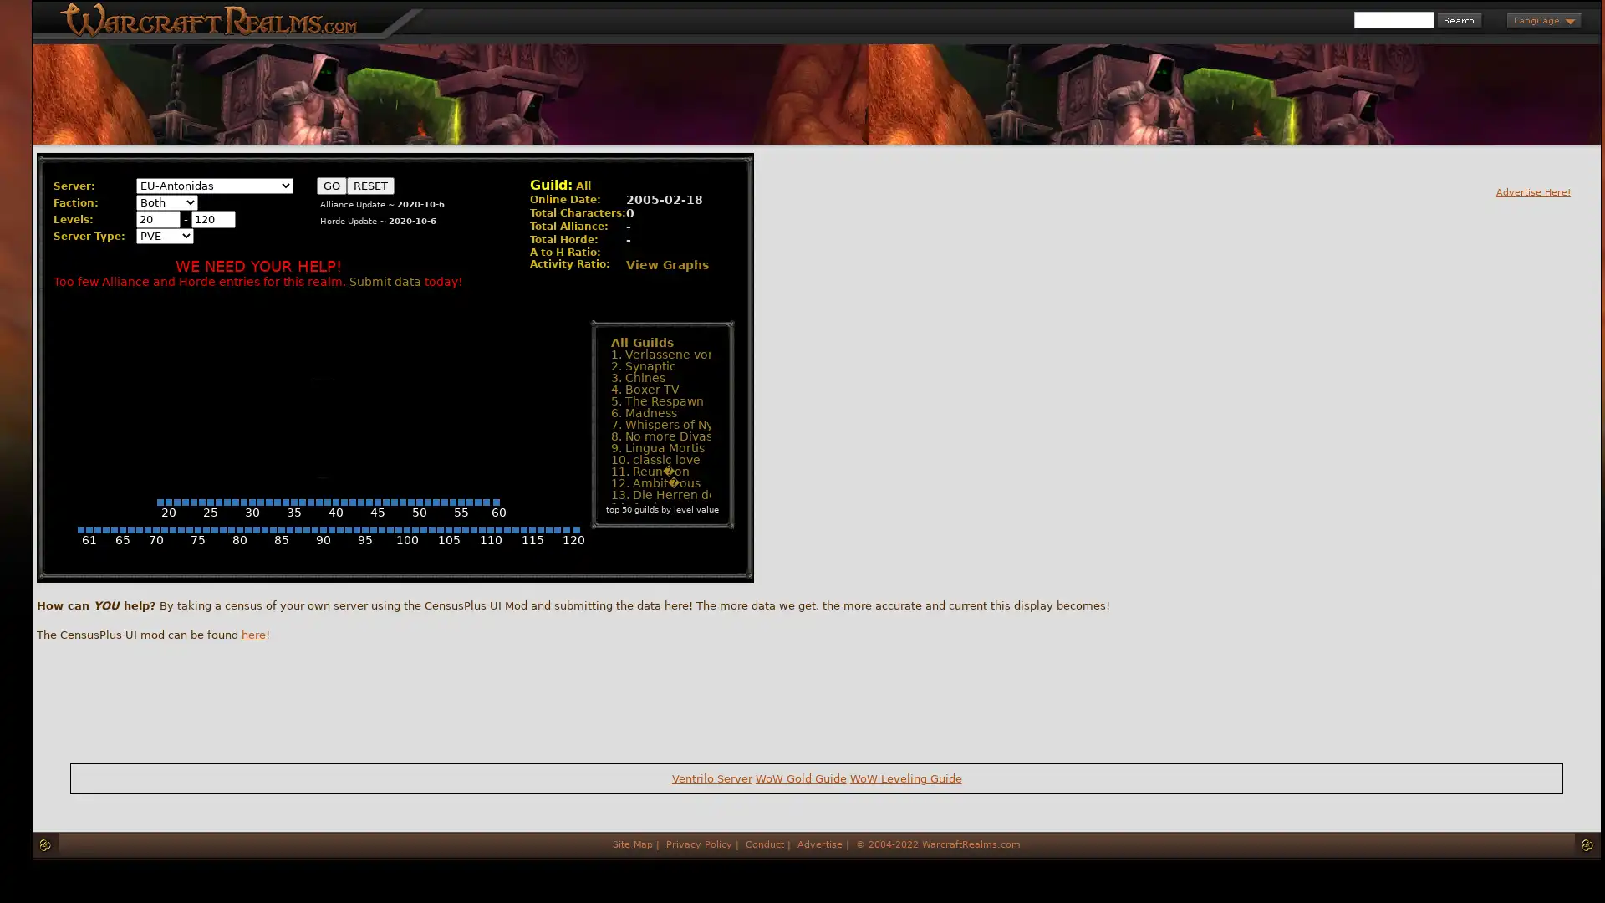 The height and width of the screenshot is (903, 1605). Describe the element at coordinates (1459, 20) in the screenshot. I see `Search` at that location.